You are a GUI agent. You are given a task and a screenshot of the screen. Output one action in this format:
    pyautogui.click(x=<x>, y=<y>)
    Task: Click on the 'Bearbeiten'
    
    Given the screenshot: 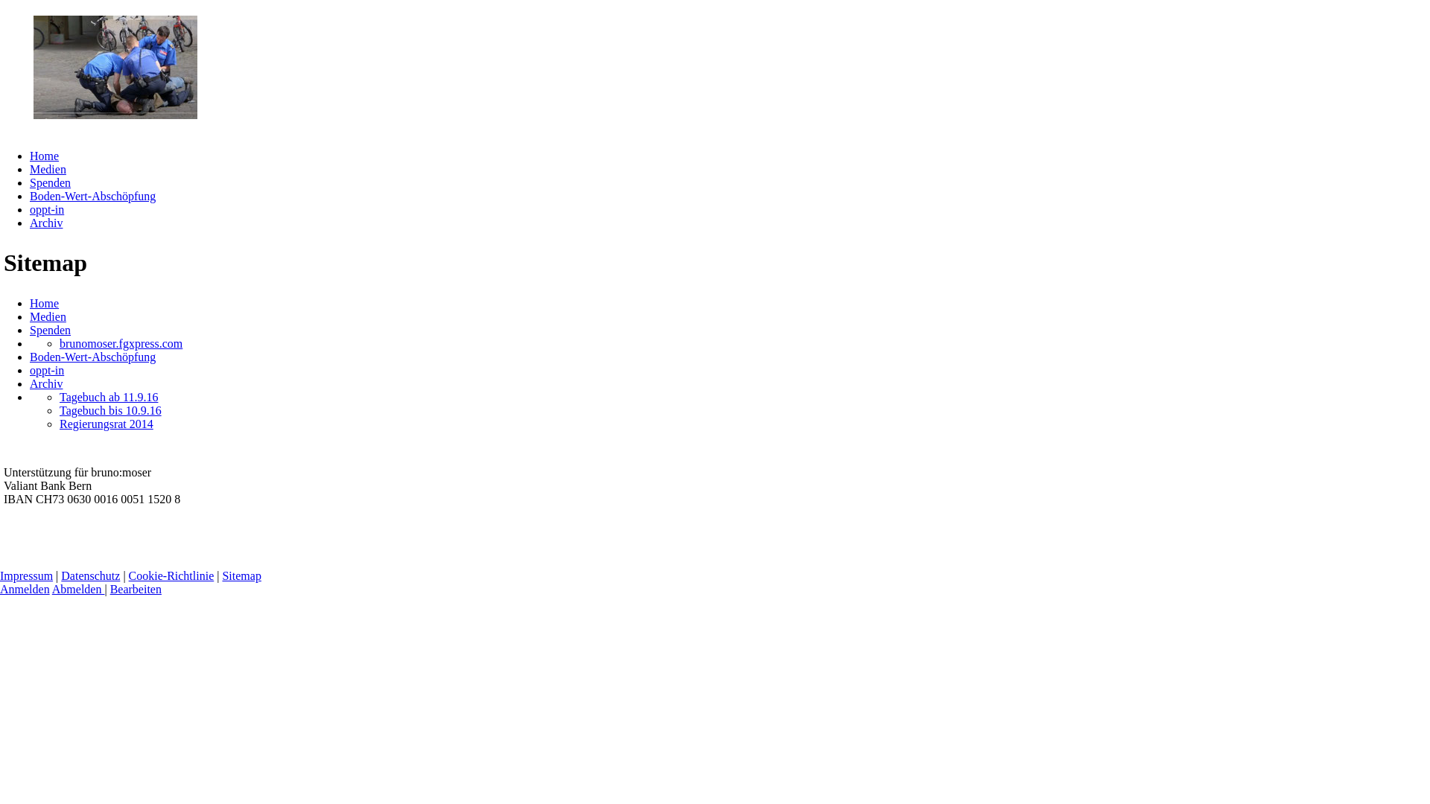 What is the action you would take?
    pyautogui.click(x=136, y=588)
    